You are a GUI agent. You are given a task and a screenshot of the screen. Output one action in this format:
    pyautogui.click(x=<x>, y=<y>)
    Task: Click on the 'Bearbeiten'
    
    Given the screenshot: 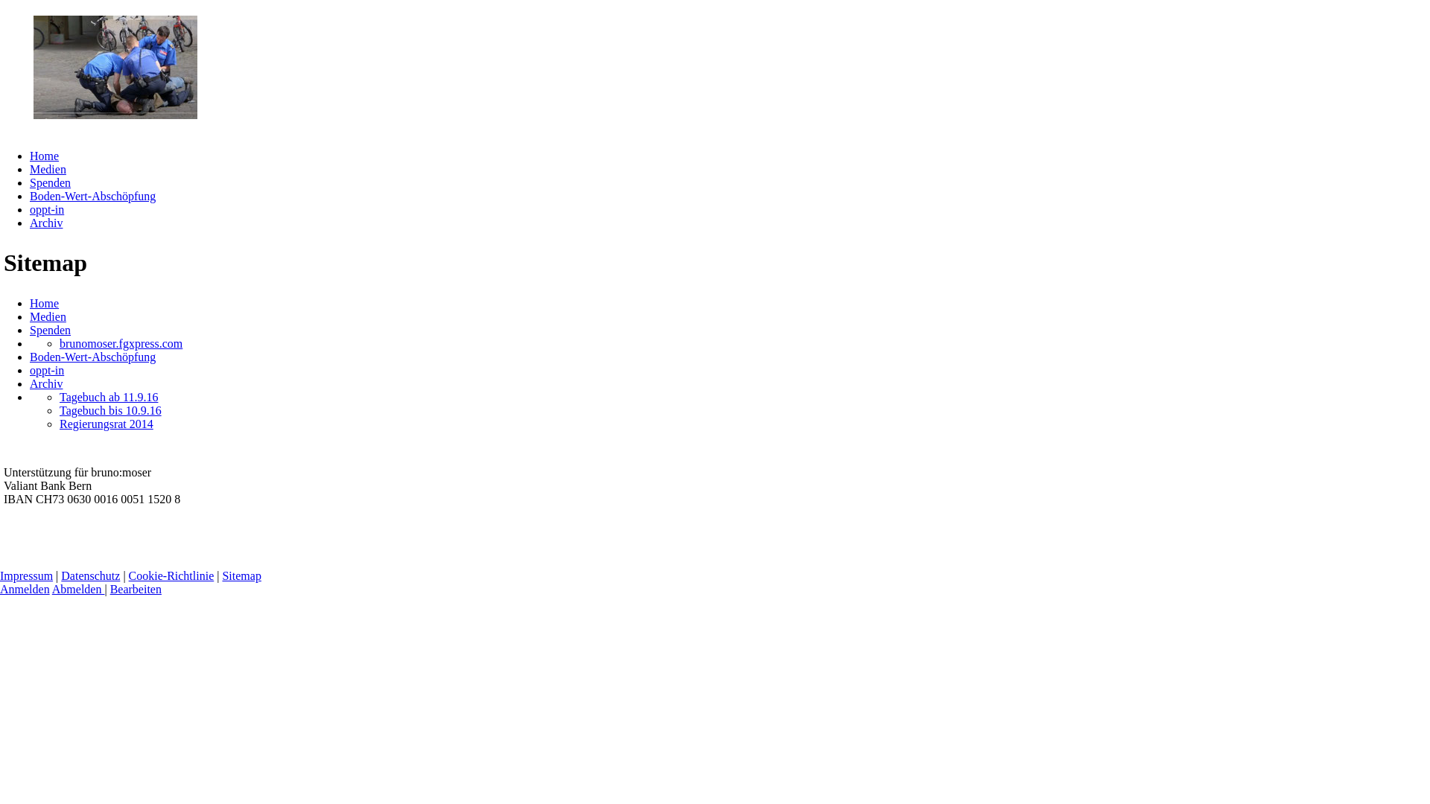 What is the action you would take?
    pyautogui.click(x=136, y=588)
    